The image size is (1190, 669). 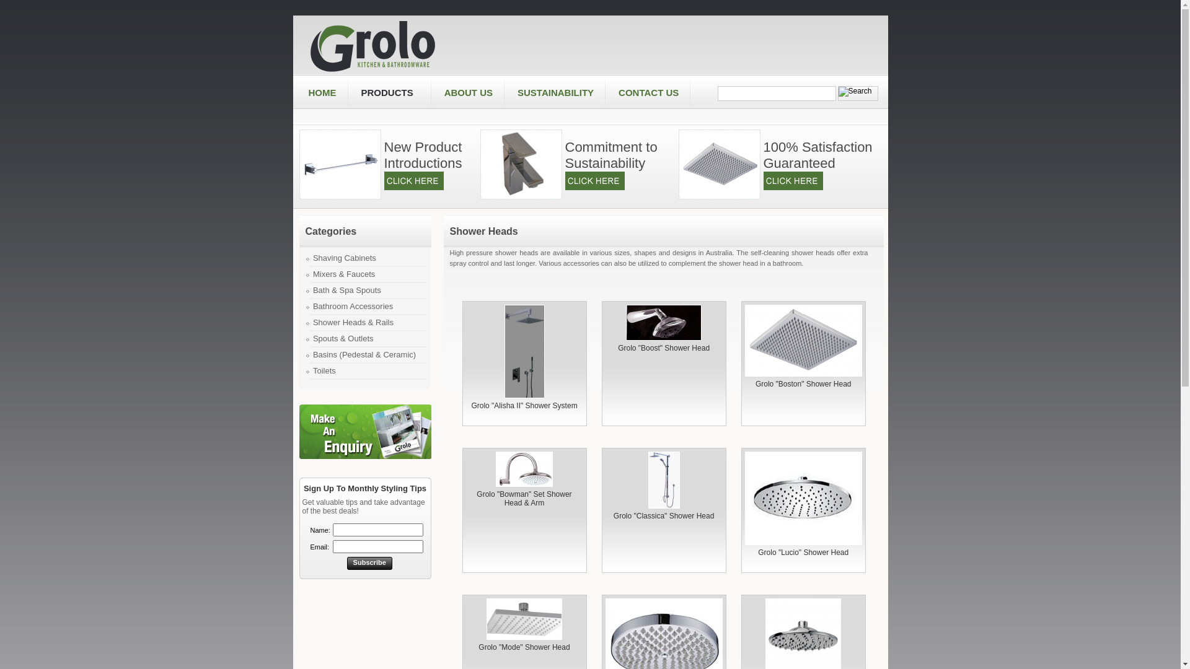 What do you see at coordinates (309, 44) in the screenshot?
I see `'Grolo Bathroom & Kichenware'` at bounding box center [309, 44].